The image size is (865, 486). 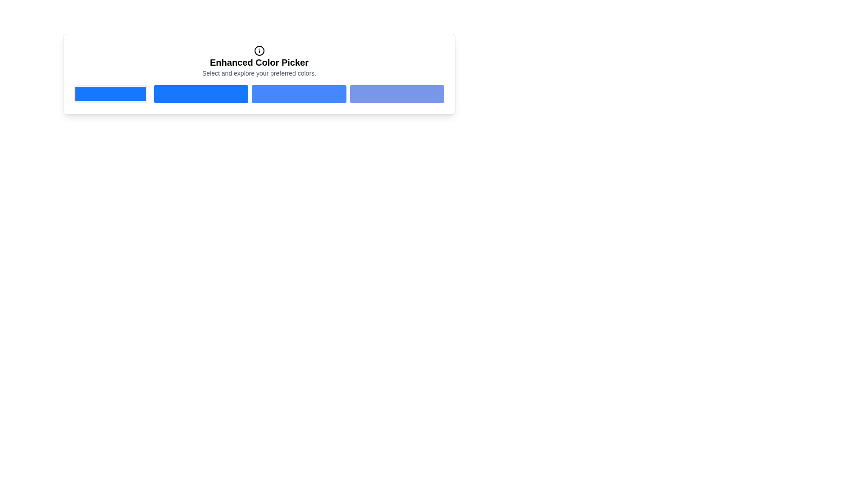 What do you see at coordinates (259, 61) in the screenshot?
I see `informational text block titled 'Enhanced Color Picker' which contains guidance on selecting and exploring preferred colors` at bounding box center [259, 61].